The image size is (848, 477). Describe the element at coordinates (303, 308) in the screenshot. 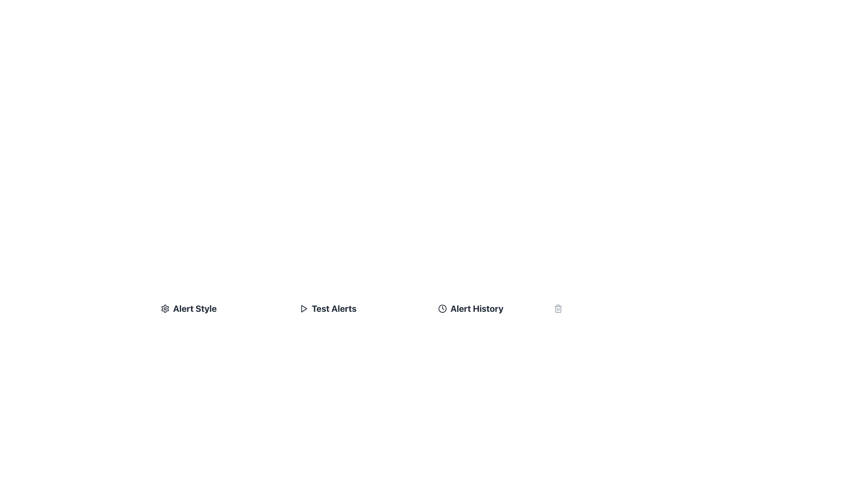

I see `the design of the Play Button icon, which is visually associated with initiating the 'Test Alerts' action and is located at the leftmost part of its group` at that location.